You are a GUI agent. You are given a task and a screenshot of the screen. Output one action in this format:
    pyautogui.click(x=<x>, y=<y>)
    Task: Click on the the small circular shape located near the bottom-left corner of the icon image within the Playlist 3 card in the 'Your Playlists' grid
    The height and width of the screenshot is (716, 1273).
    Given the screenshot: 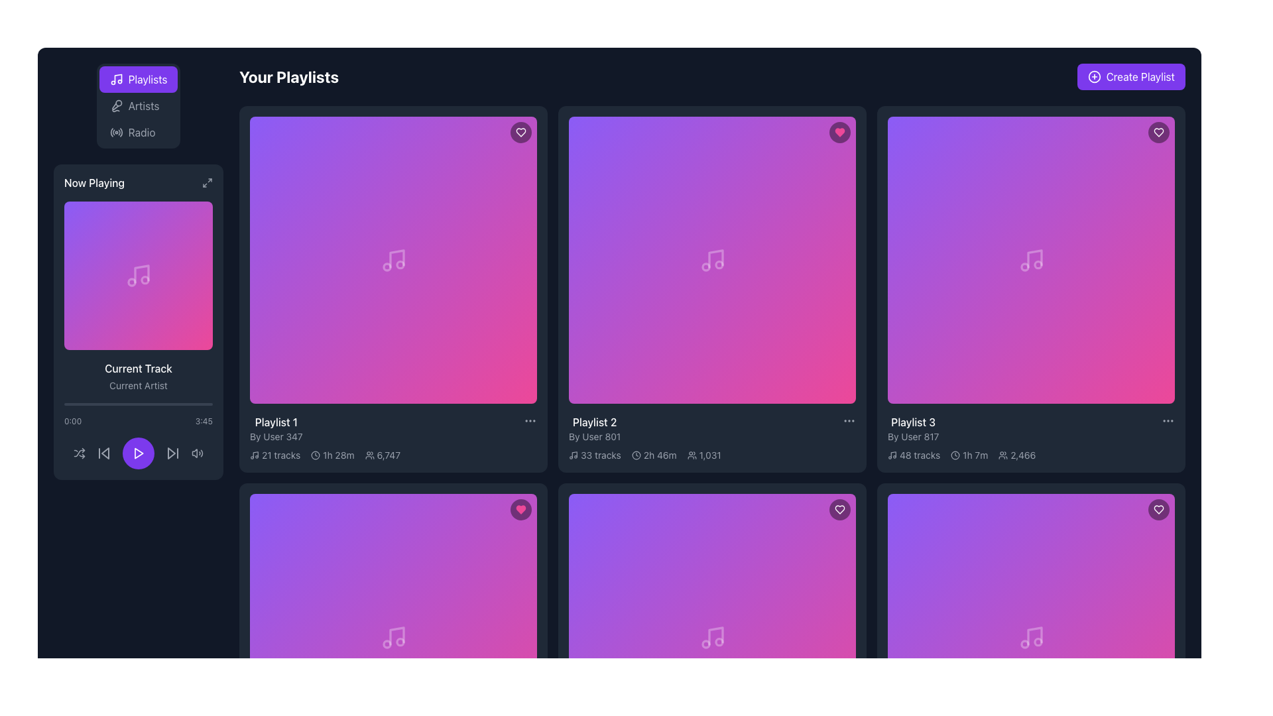 What is the action you would take?
    pyautogui.click(x=1024, y=267)
    